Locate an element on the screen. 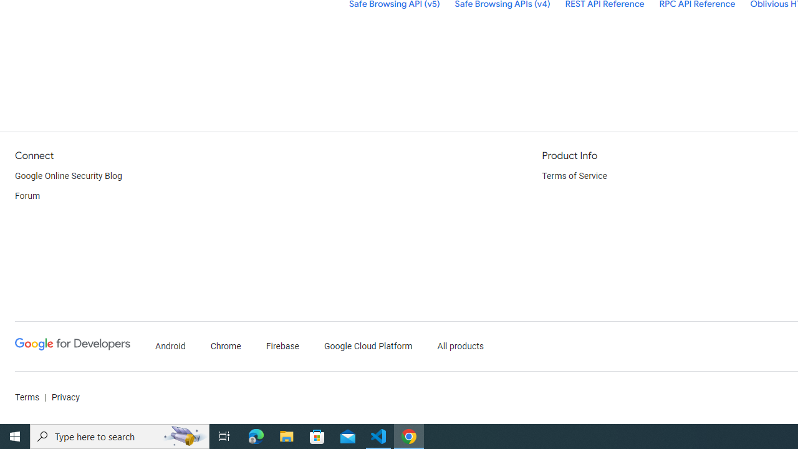 This screenshot has width=798, height=449. 'All products' is located at coordinates (460, 346).